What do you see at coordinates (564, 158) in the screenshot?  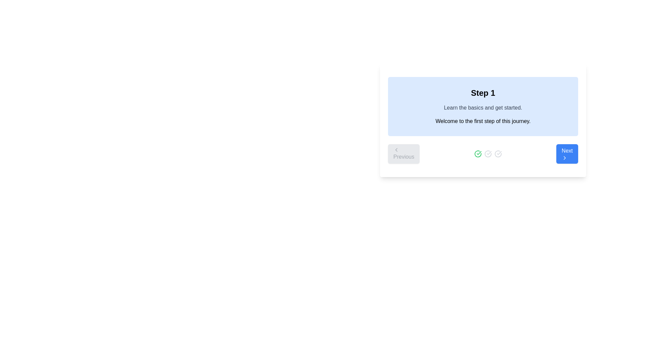 I see `the right-pointing chevron icon located within the 'Next' button at the bottom-right corner of the interface, which indicates the flow of navigation to advance to the next step` at bounding box center [564, 158].